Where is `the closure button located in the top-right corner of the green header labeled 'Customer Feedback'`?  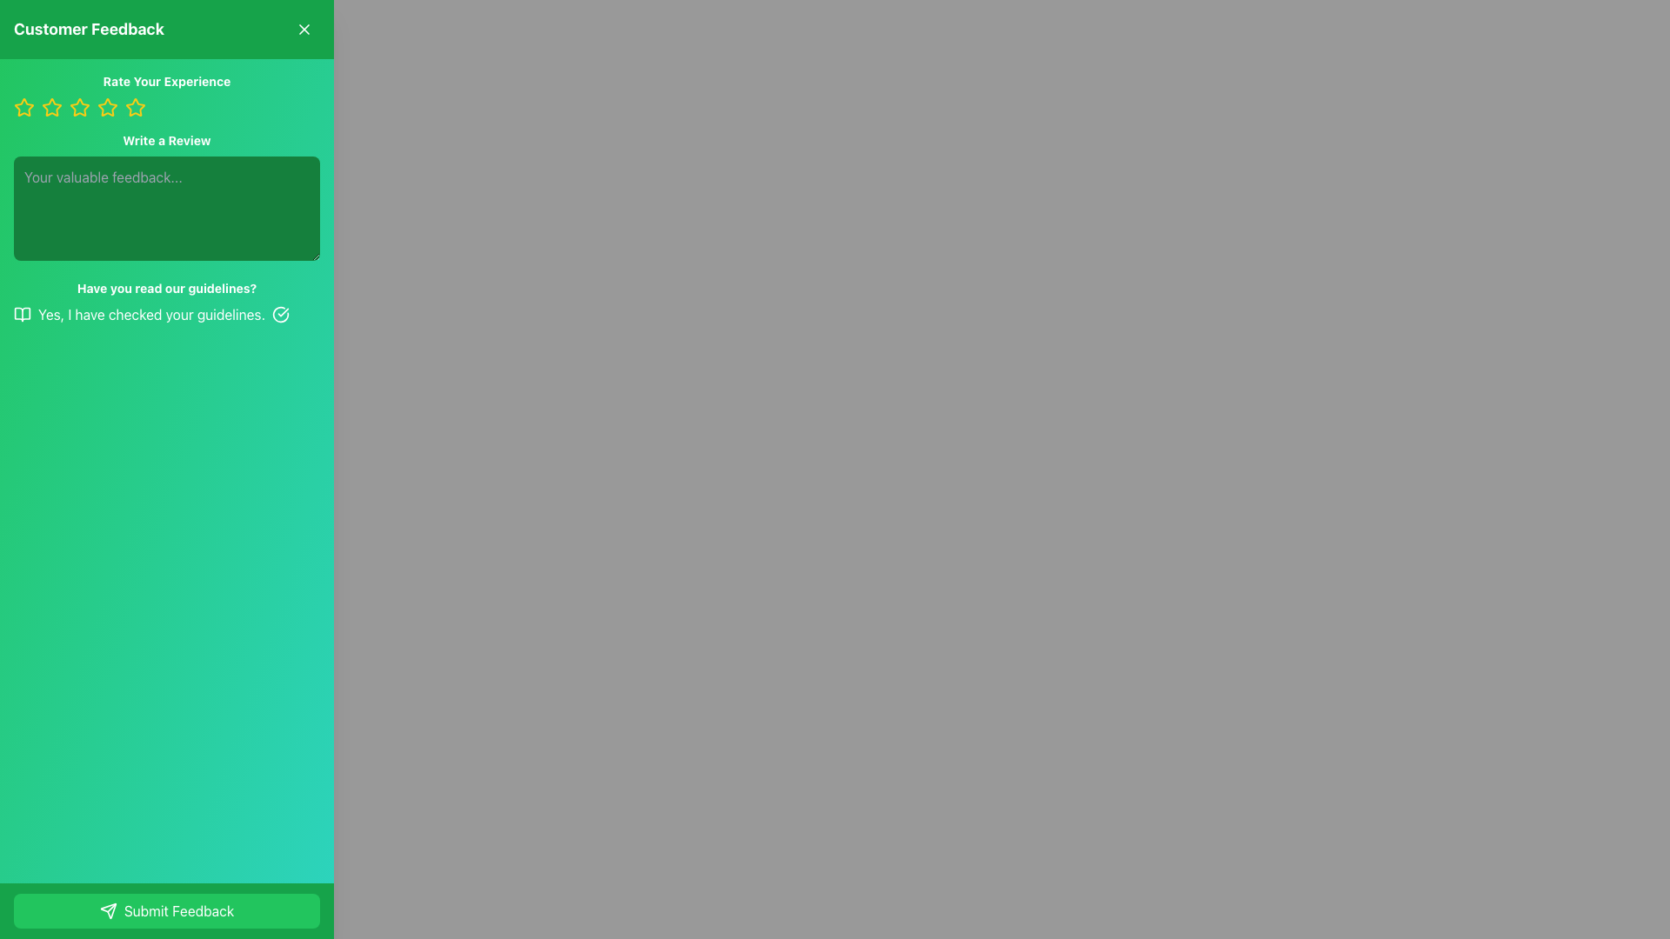 the closure button located in the top-right corner of the green header labeled 'Customer Feedback' is located at coordinates (304, 30).